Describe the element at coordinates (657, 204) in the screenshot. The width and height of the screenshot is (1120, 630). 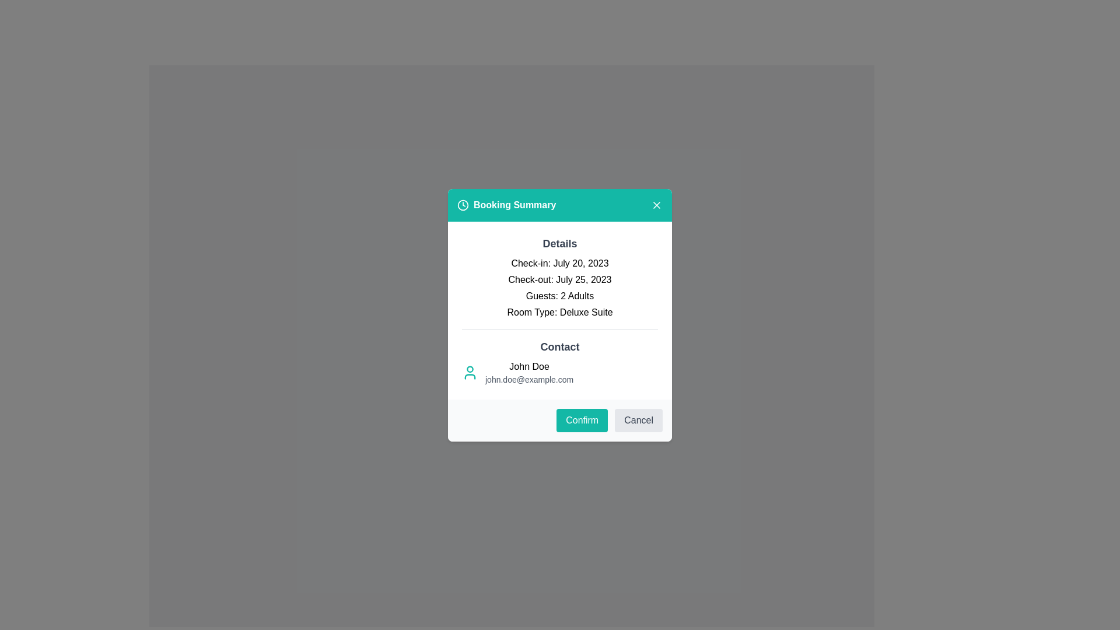
I see `the close button with an icon located in the top-right corner of the modal dialog` at that location.